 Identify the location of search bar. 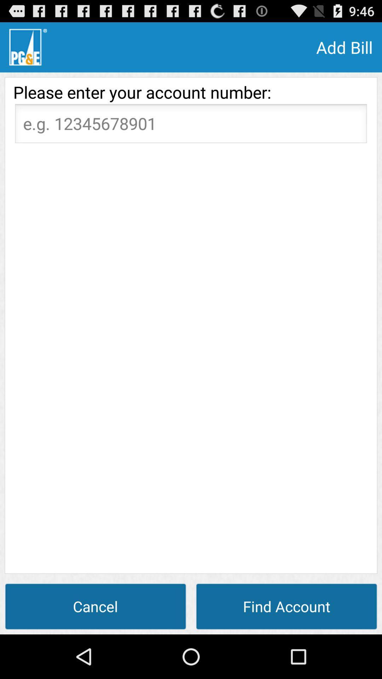
(191, 126).